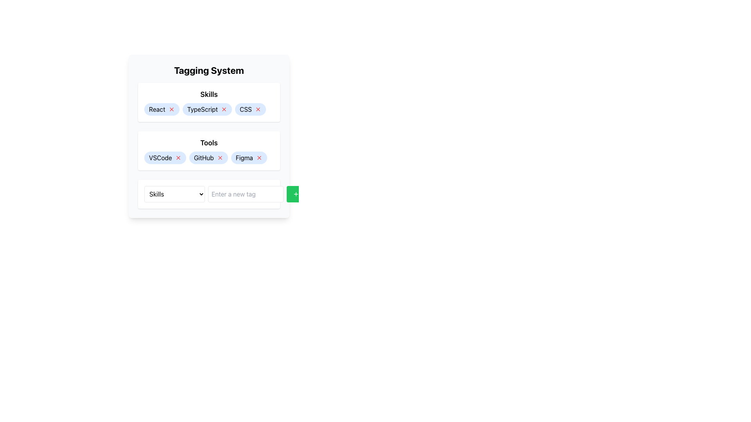 The width and height of the screenshot is (751, 422). What do you see at coordinates (296, 194) in the screenshot?
I see `the button located at the far right side of the row within the 'Tagging System' interface, adjacent to the 'Enter a new tag' input field` at bounding box center [296, 194].